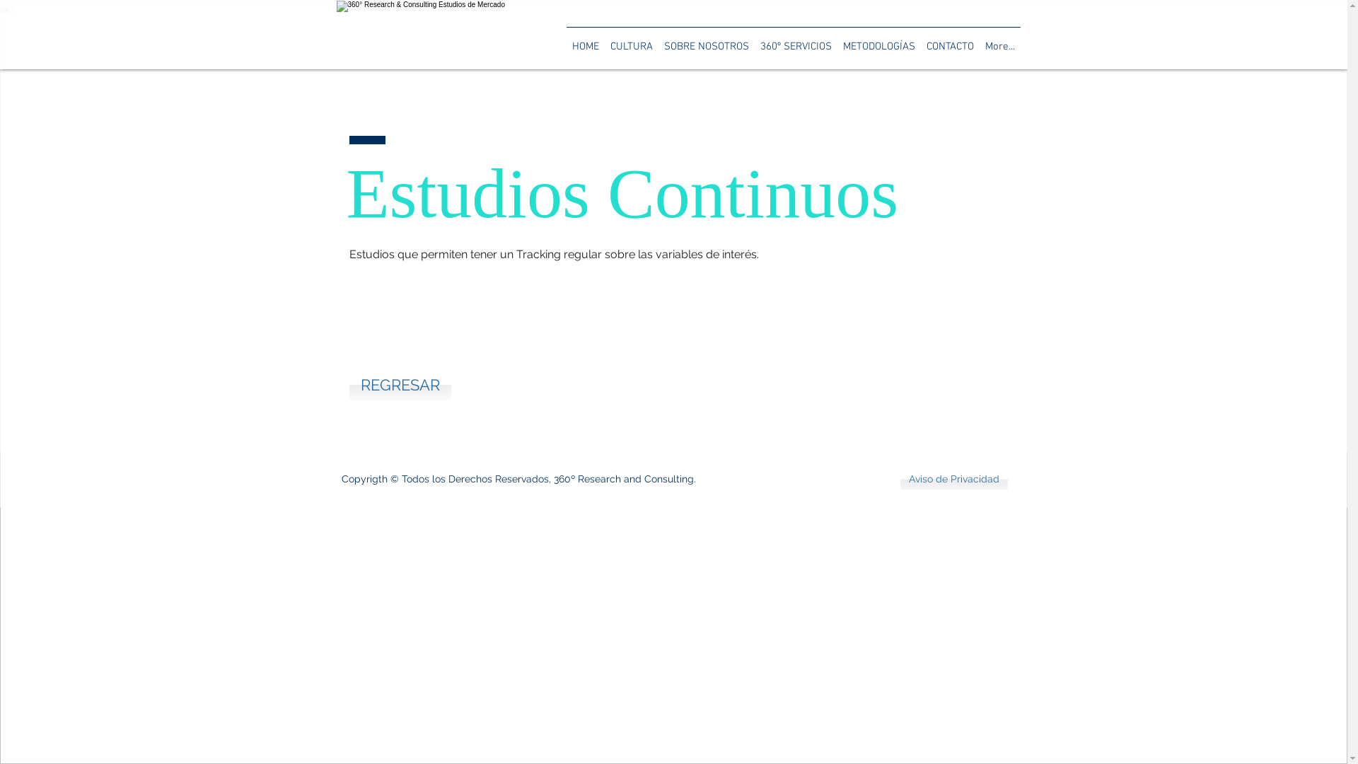 This screenshot has height=764, width=1358. I want to click on 'CONTACTO', so click(950, 40).